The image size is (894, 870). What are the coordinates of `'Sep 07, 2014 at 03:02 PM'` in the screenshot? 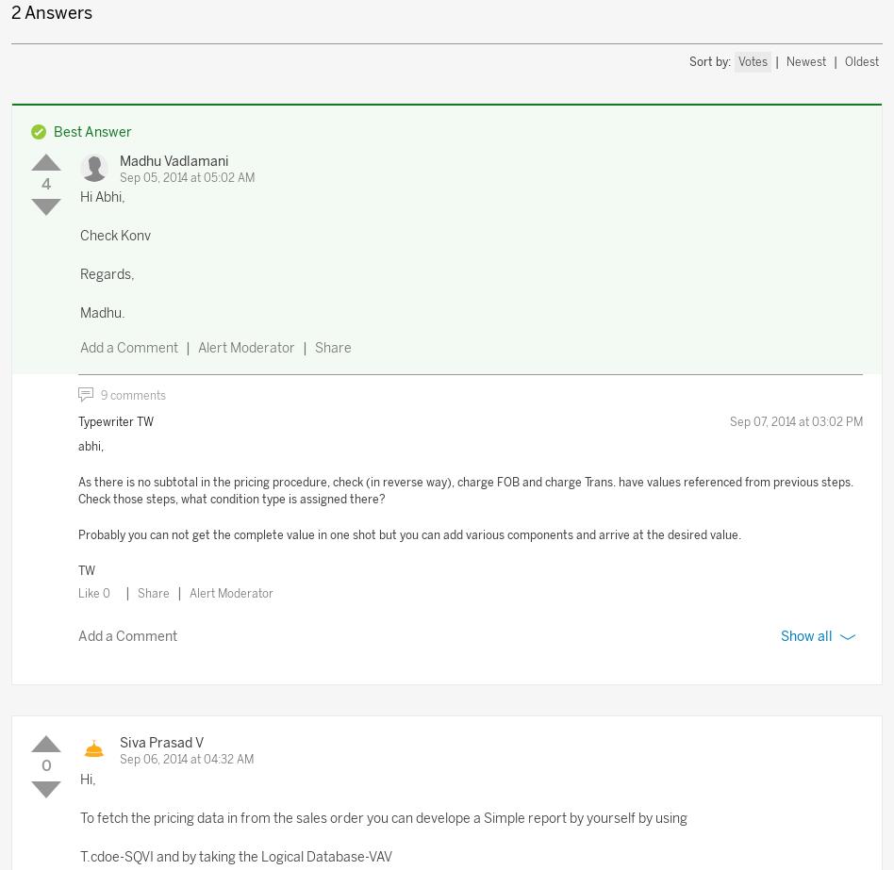 It's located at (730, 422).